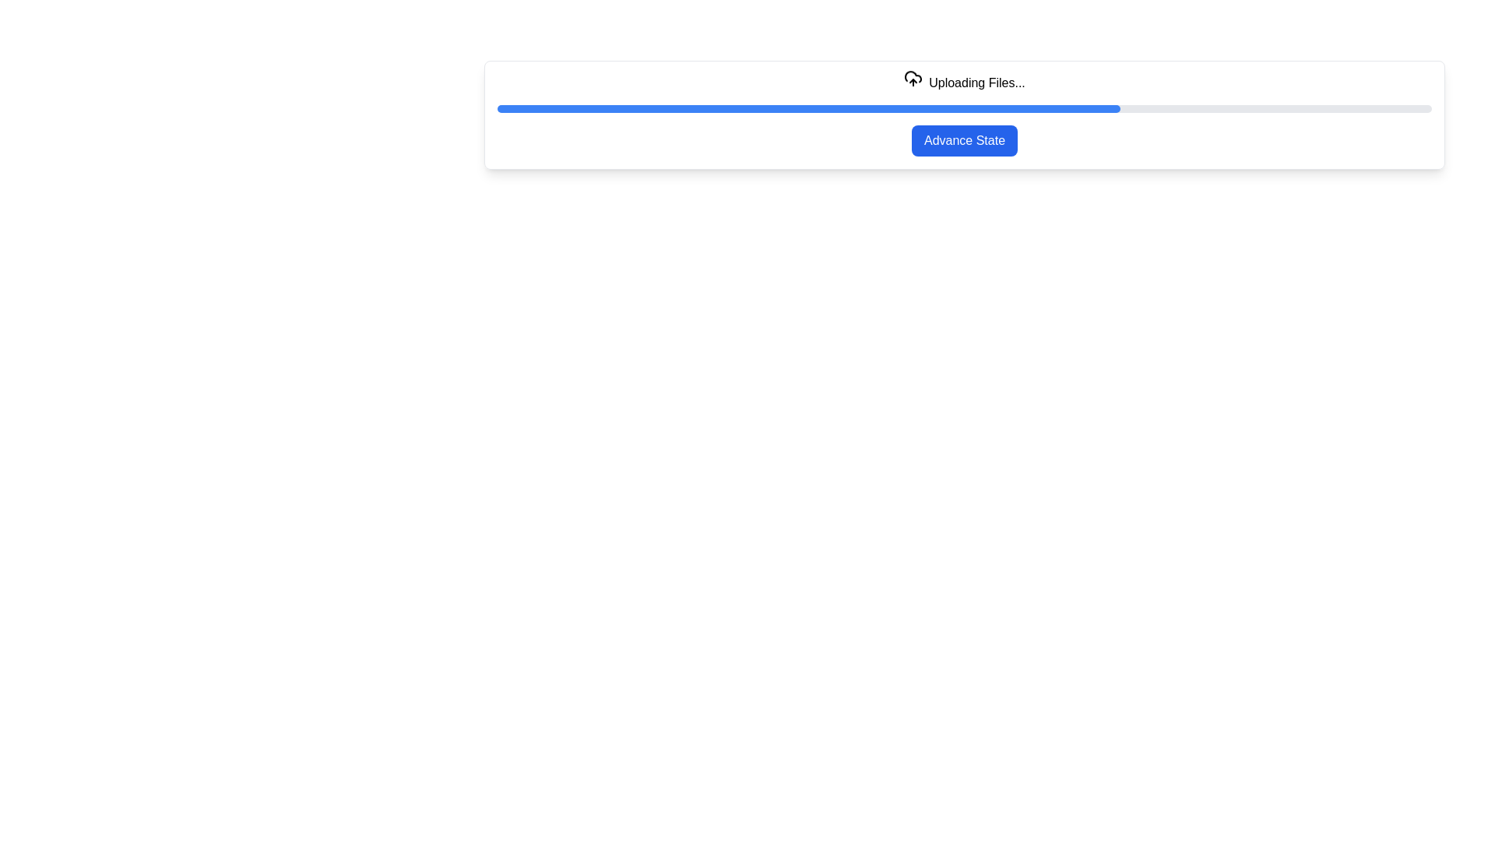 The height and width of the screenshot is (841, 1495). I want to click on the 'Advance State' button located near the right end of the horizontal progress bar, below the 'Uploading Files...' text, to initiate its function, so click(963, 141).